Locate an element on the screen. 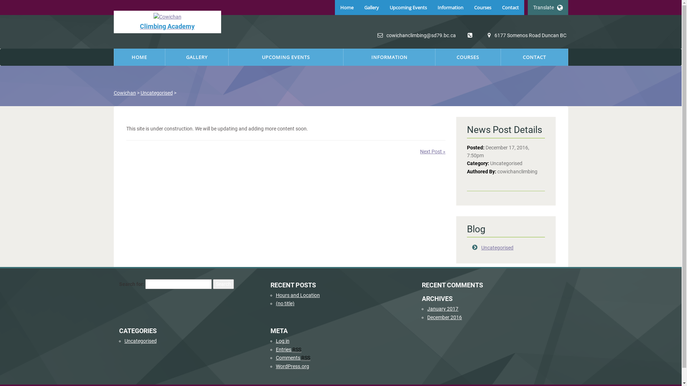 This screenshot has height=386, width=687. '(no title)' is located at coordinates (284, 303).